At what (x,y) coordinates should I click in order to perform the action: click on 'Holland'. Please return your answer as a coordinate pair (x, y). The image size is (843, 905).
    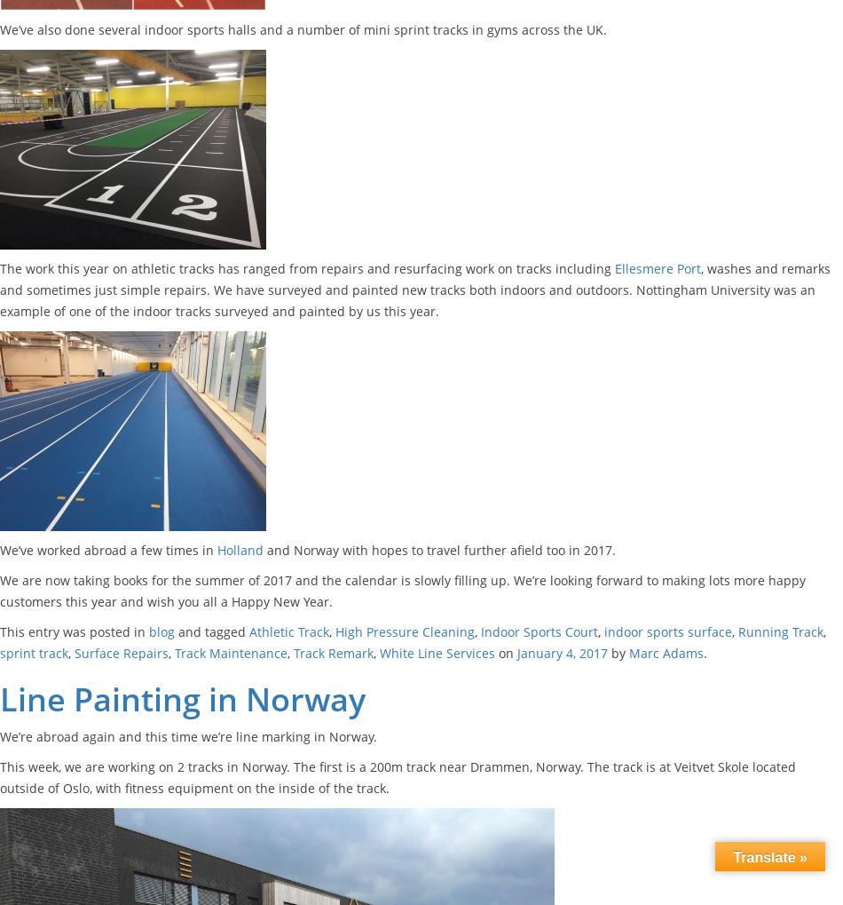
    Looking at the image, I should click on (238, 550).